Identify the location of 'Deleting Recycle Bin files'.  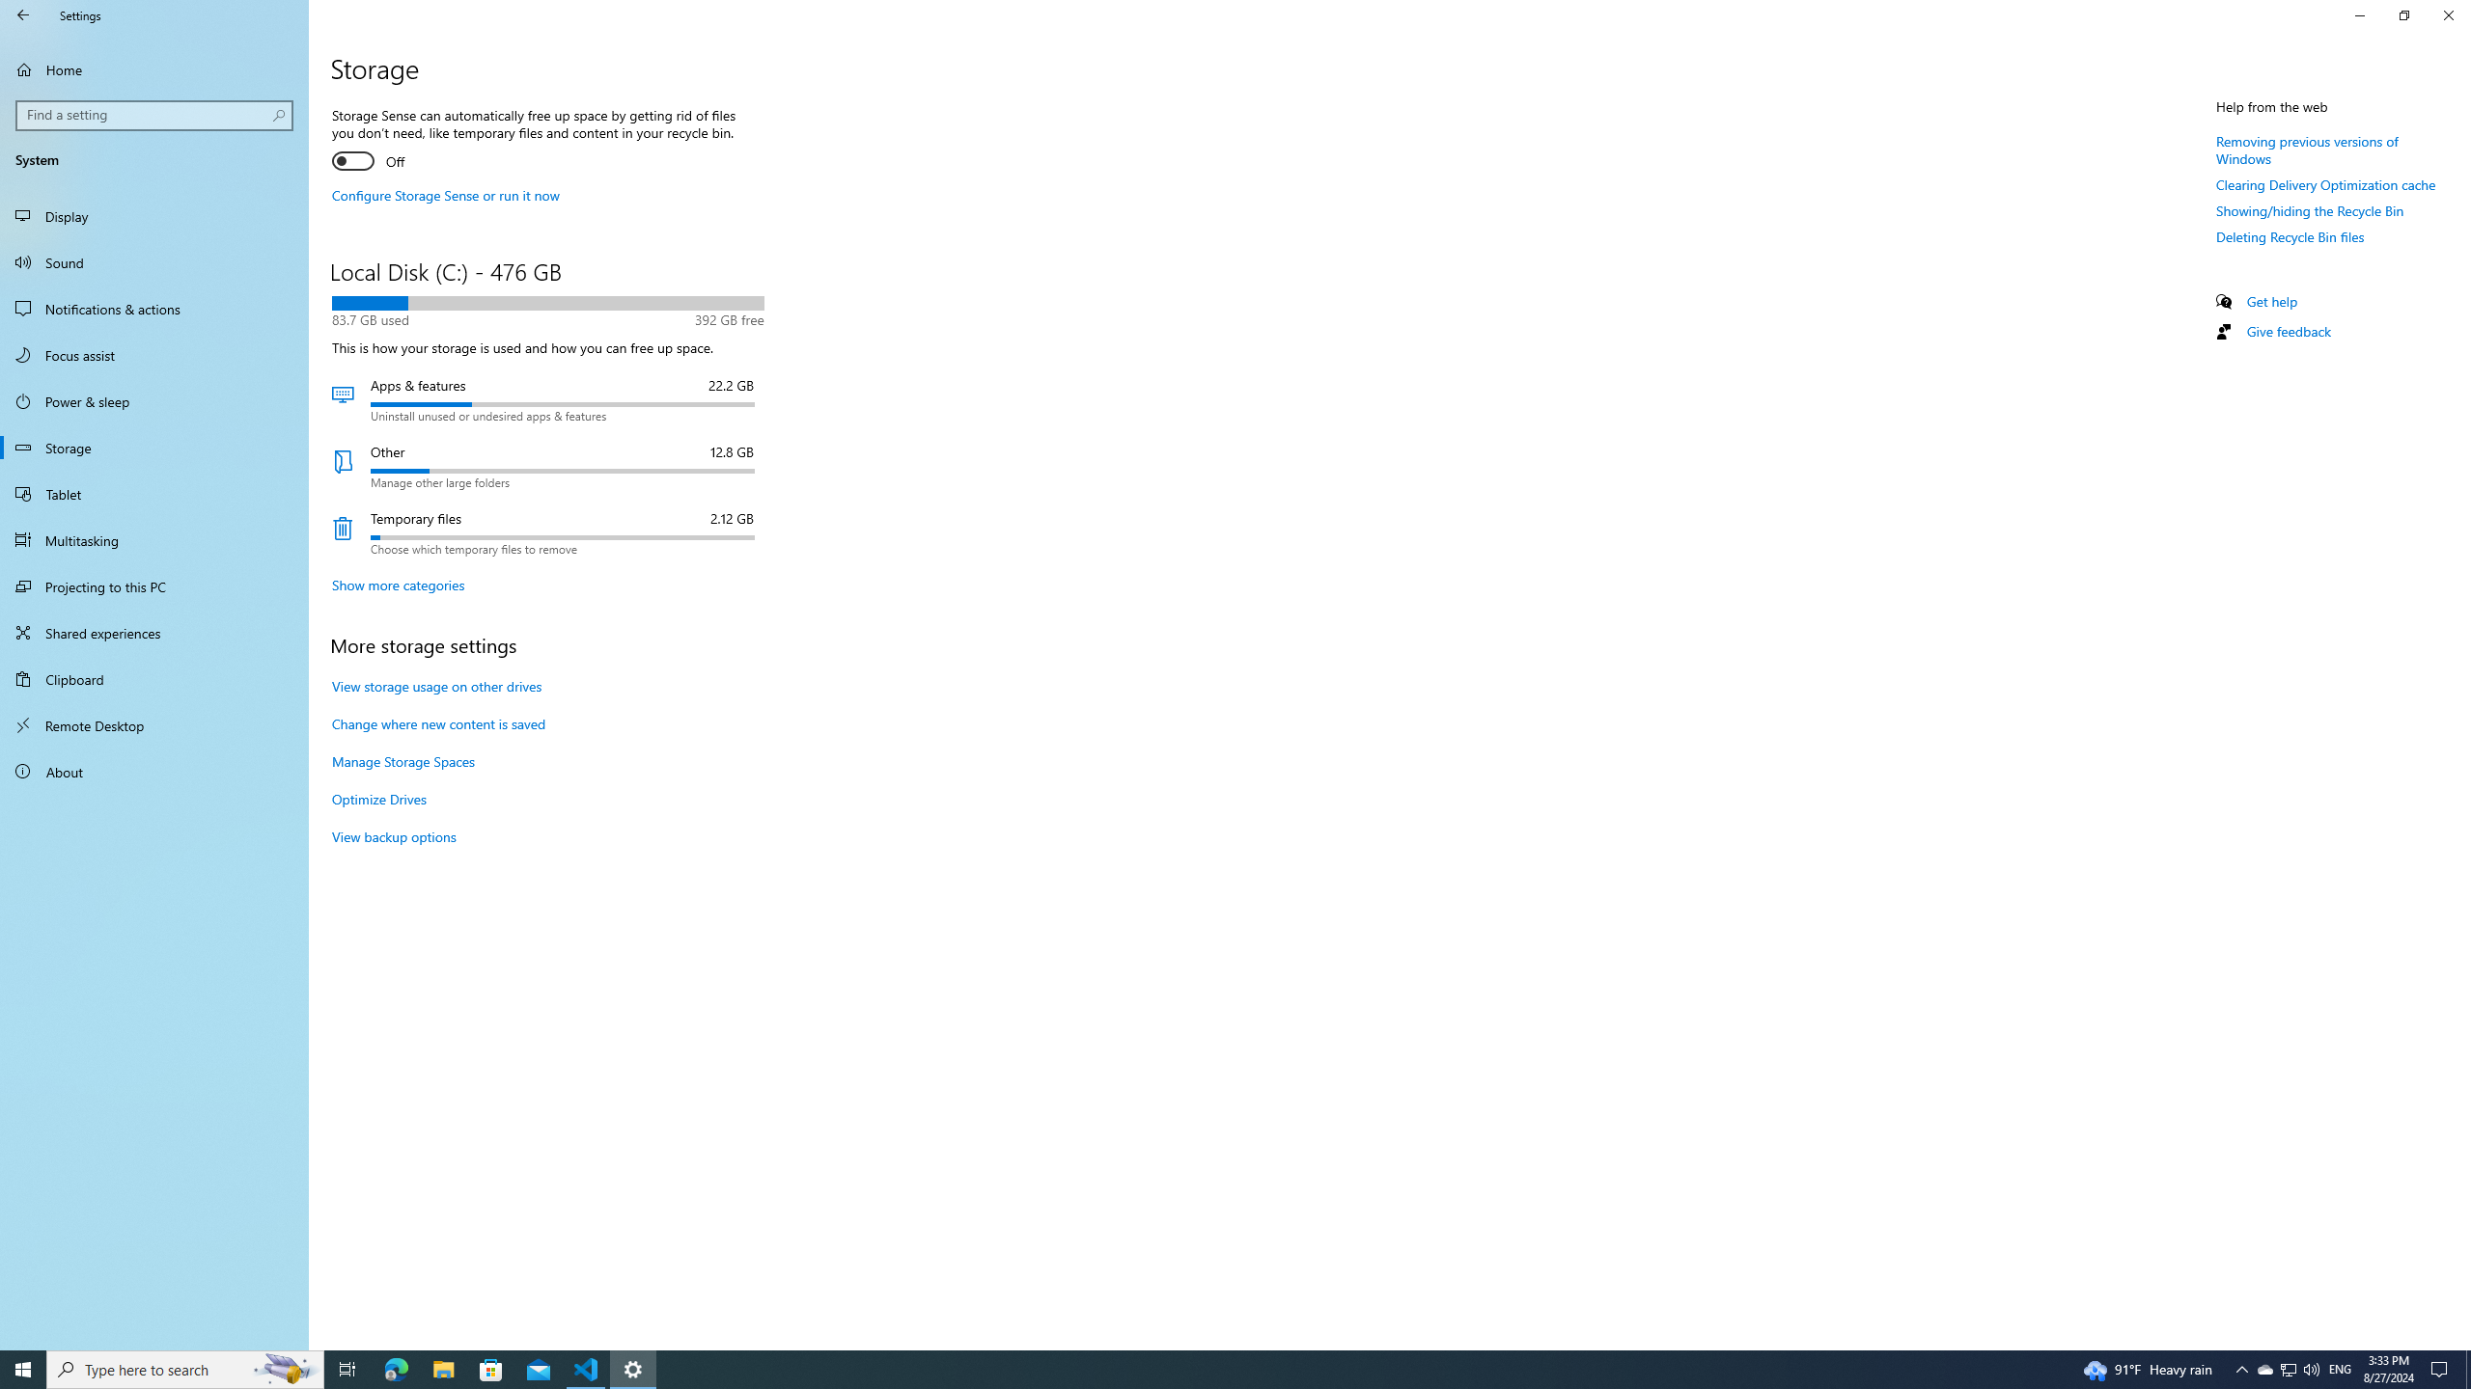
(2290, 236).